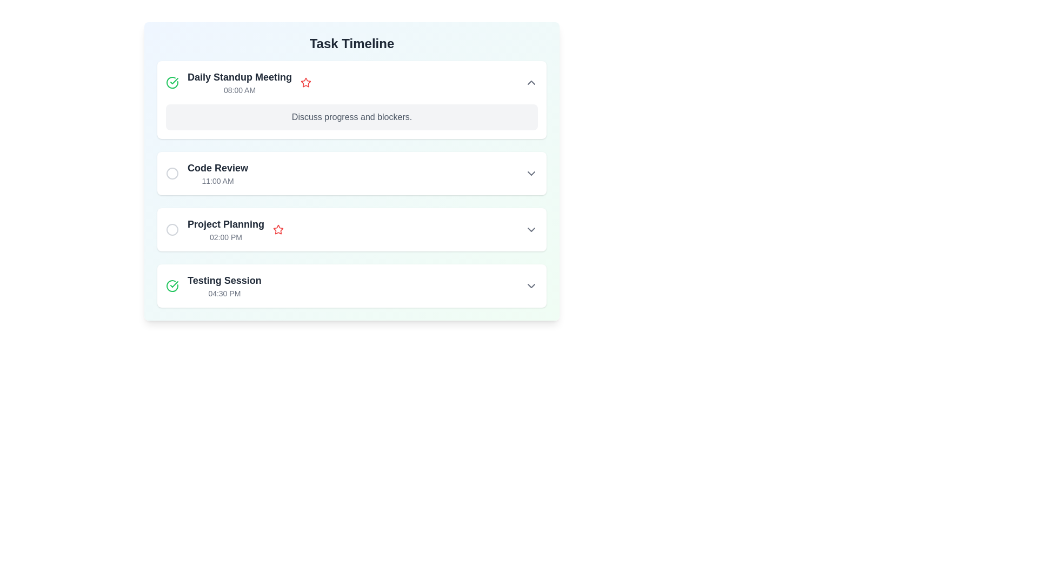  What do you see at coordinates (305, 82) in the screenshot?
I see `the star icon indicating priority for the 'Daily Standup Meeting'` at bounding box center [305, 82].